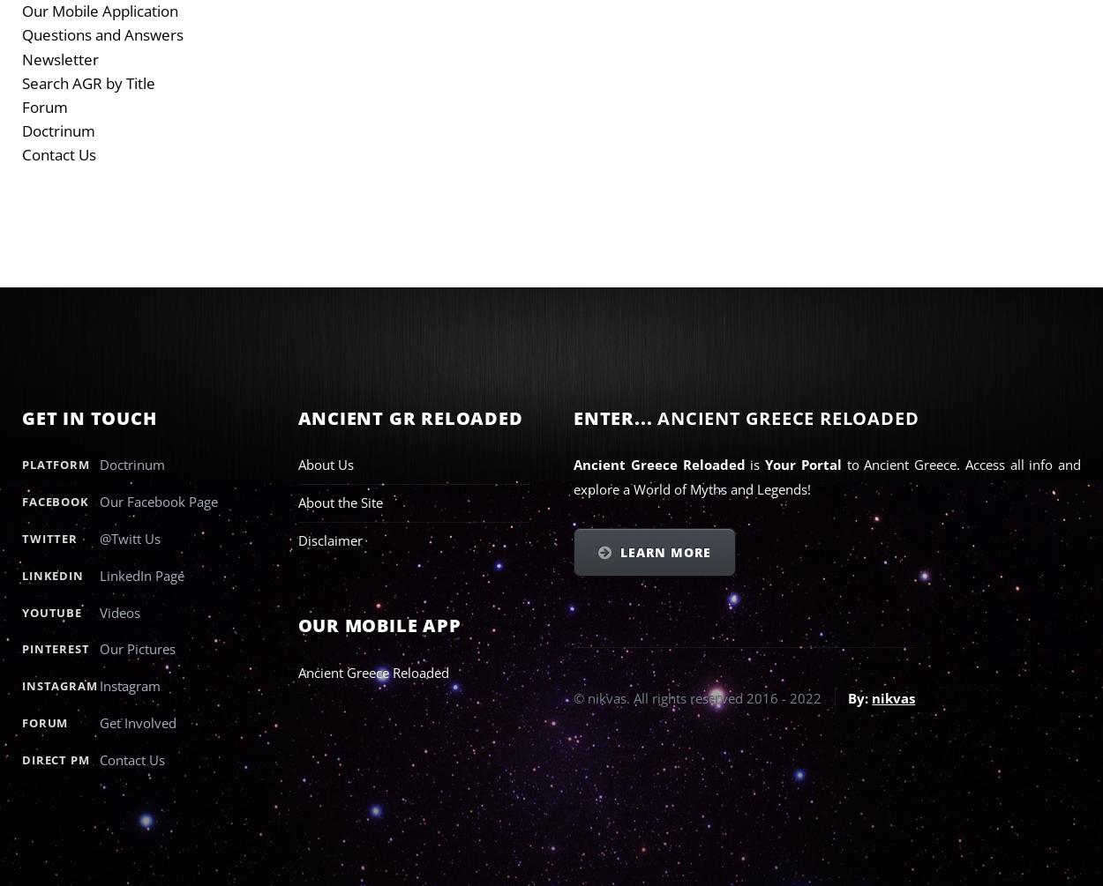  I want to click on 'About Us', so click(296, 464).